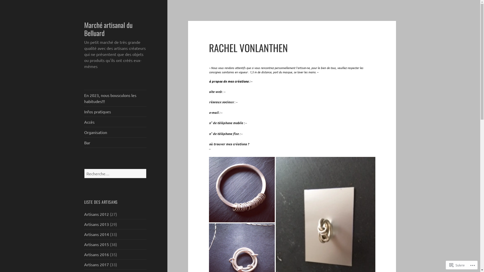 The width and height of the screenshot is (484, 272). Describe the element at coordinates (84, 214) in the screenshot. I see `'Artisans 2012'` at that location.